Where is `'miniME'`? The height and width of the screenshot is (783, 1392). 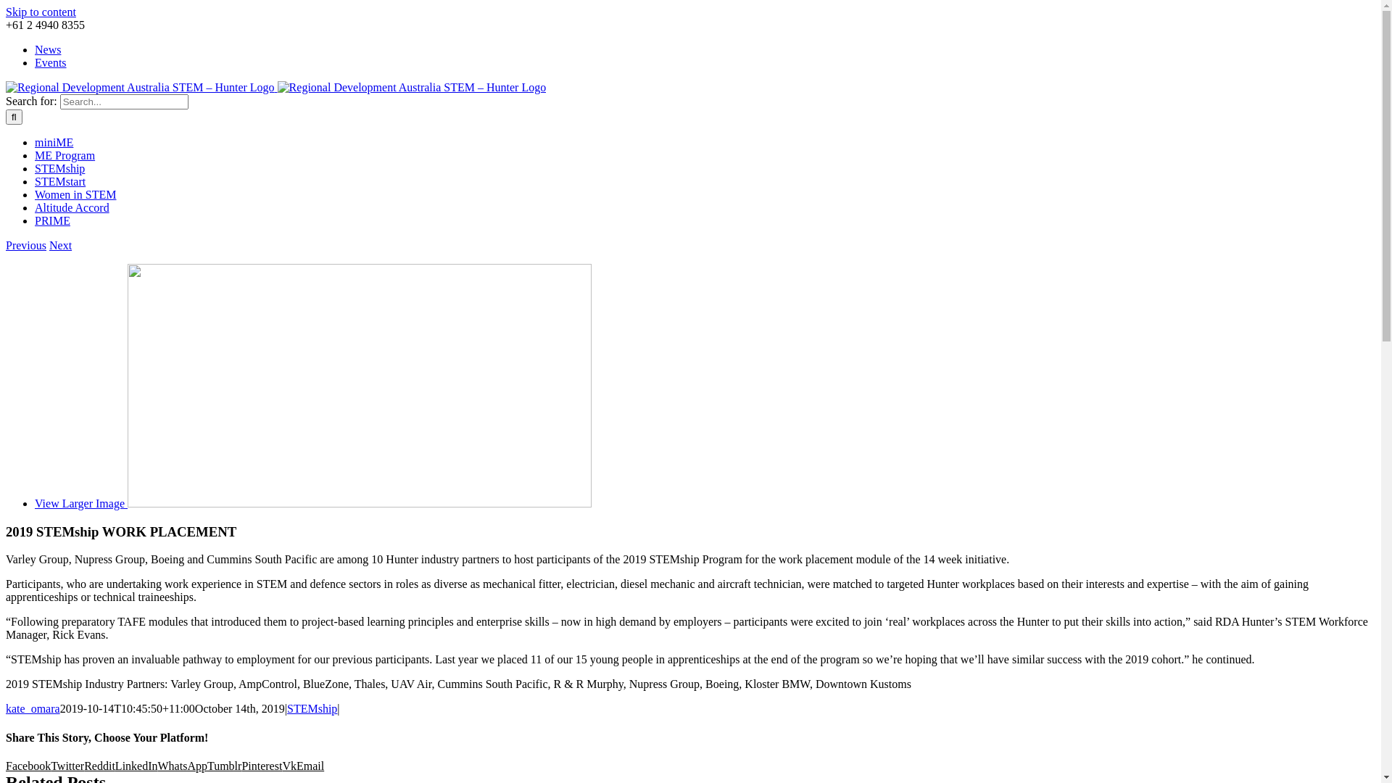 'miniME' is located at coordinates (35, 142).